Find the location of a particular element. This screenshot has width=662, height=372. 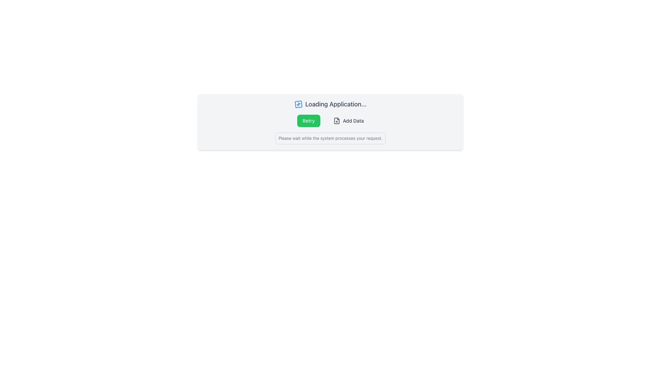

the leftmost button is located at coordinates (308, 121).